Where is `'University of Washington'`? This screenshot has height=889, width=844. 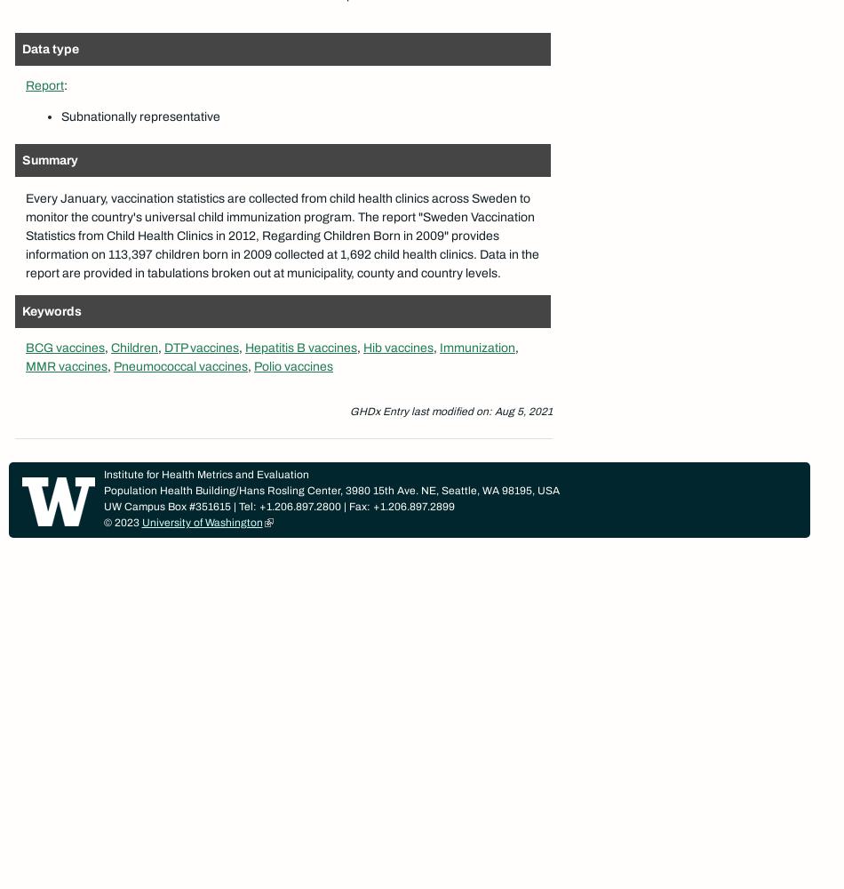
'University of Washington' is located at coordinates (141, 522).